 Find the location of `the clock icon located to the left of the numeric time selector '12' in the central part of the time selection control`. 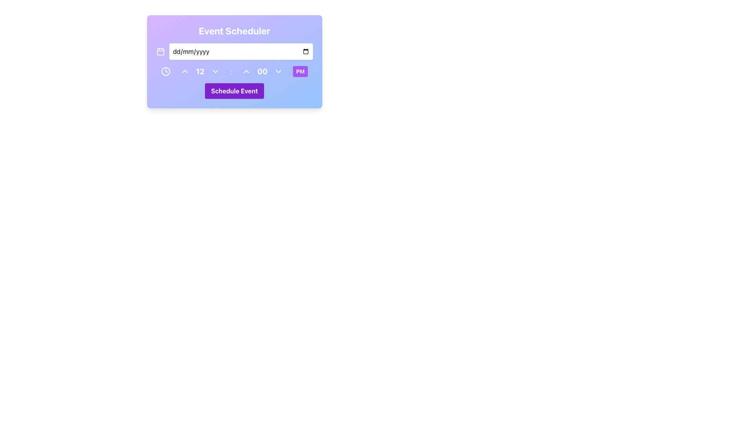

the clock icon located to the left of the numeric time selector '12' in the central part of the time selection control is located at coordinates (165, 71).